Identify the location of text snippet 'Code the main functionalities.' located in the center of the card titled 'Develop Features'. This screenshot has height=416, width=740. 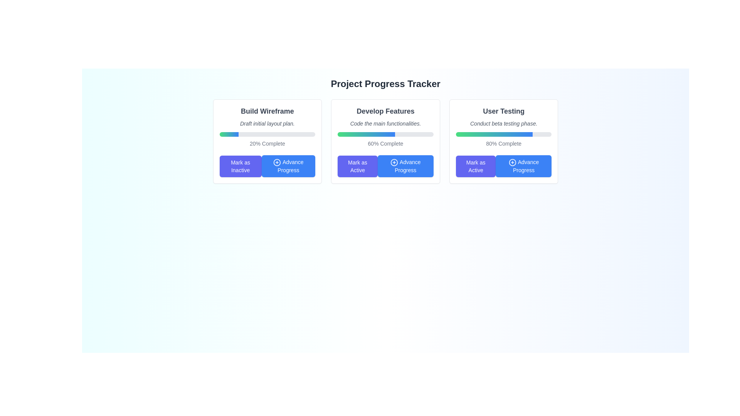
(385, 123).